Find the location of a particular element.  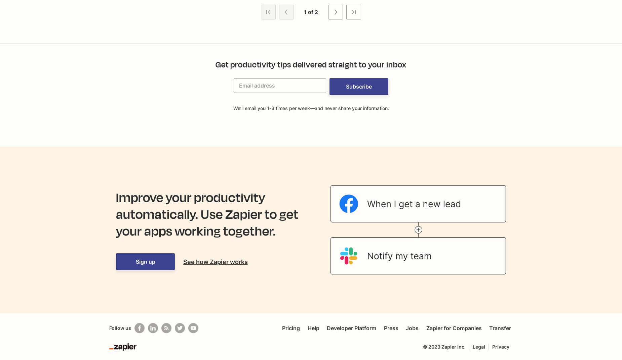

'Get productivity tips delivered straight to your inbox' is located at coordinates (311, 65).